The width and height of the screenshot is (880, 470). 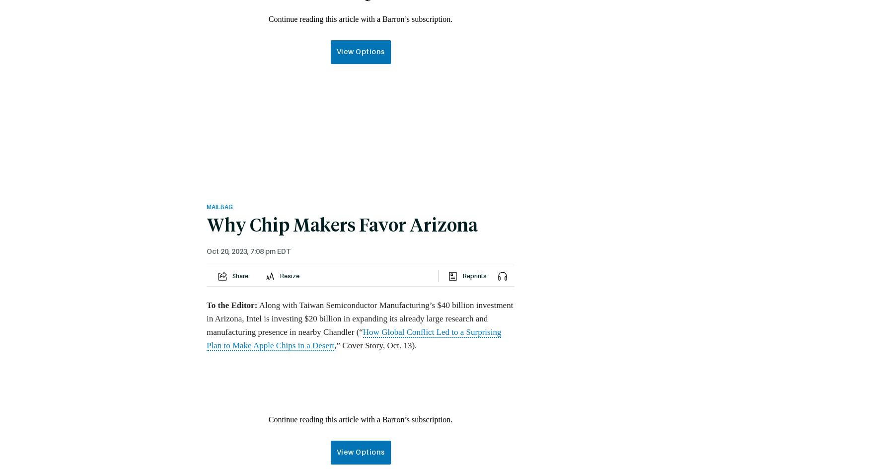 I want to click on 'Along with Taiwan Semiconductor Manufacturing’s $40 billion investment in Arizona, Intel is investing $20 billion in expanding its already large research and manufacturing presence in nearby Chandler (“', so click(x=359, y=318).